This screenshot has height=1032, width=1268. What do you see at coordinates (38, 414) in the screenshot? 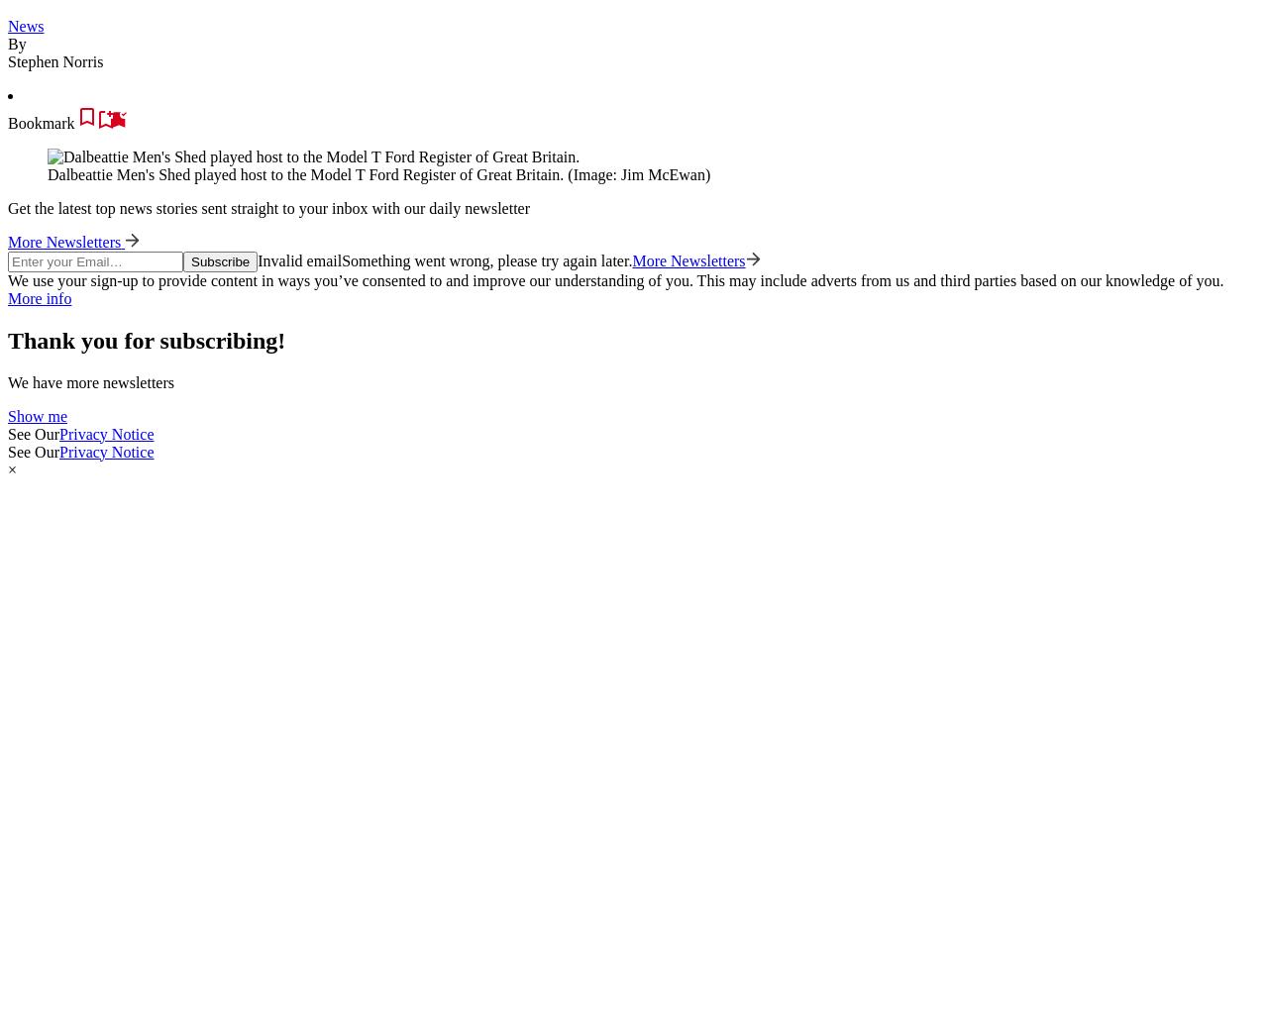
I see `'Show me'` at bounding box center [38, 414].